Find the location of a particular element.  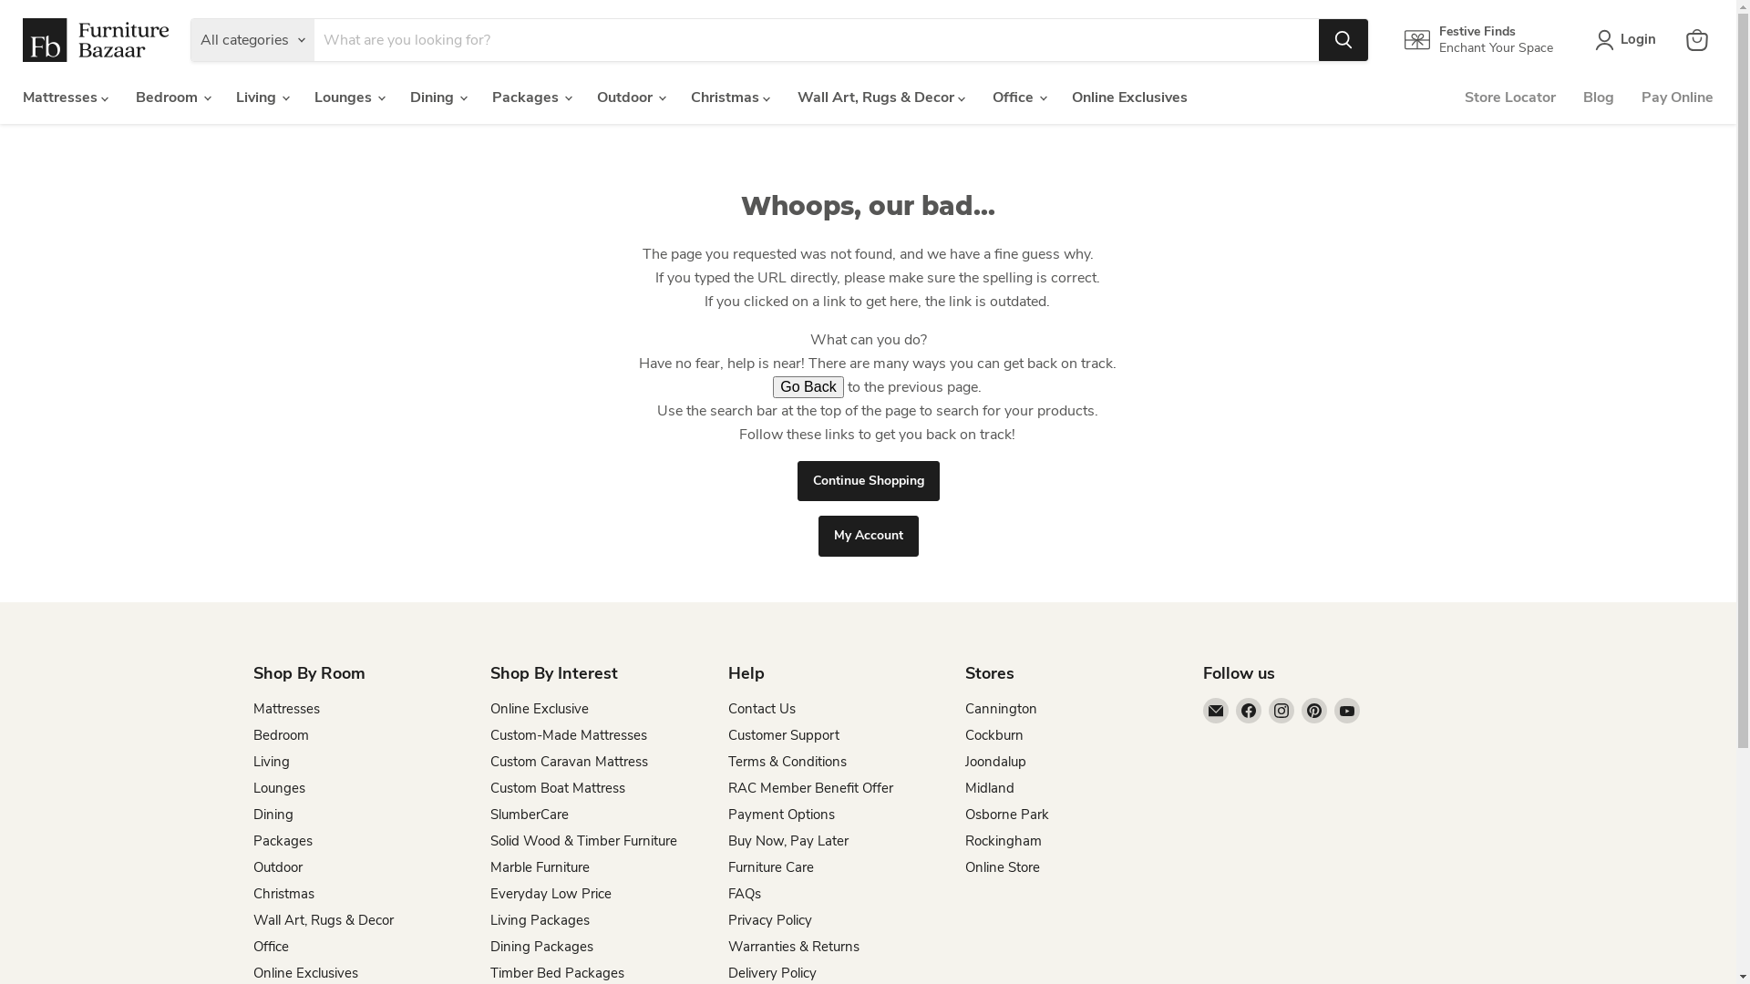

'Office' is located at coordinates (270, 945).